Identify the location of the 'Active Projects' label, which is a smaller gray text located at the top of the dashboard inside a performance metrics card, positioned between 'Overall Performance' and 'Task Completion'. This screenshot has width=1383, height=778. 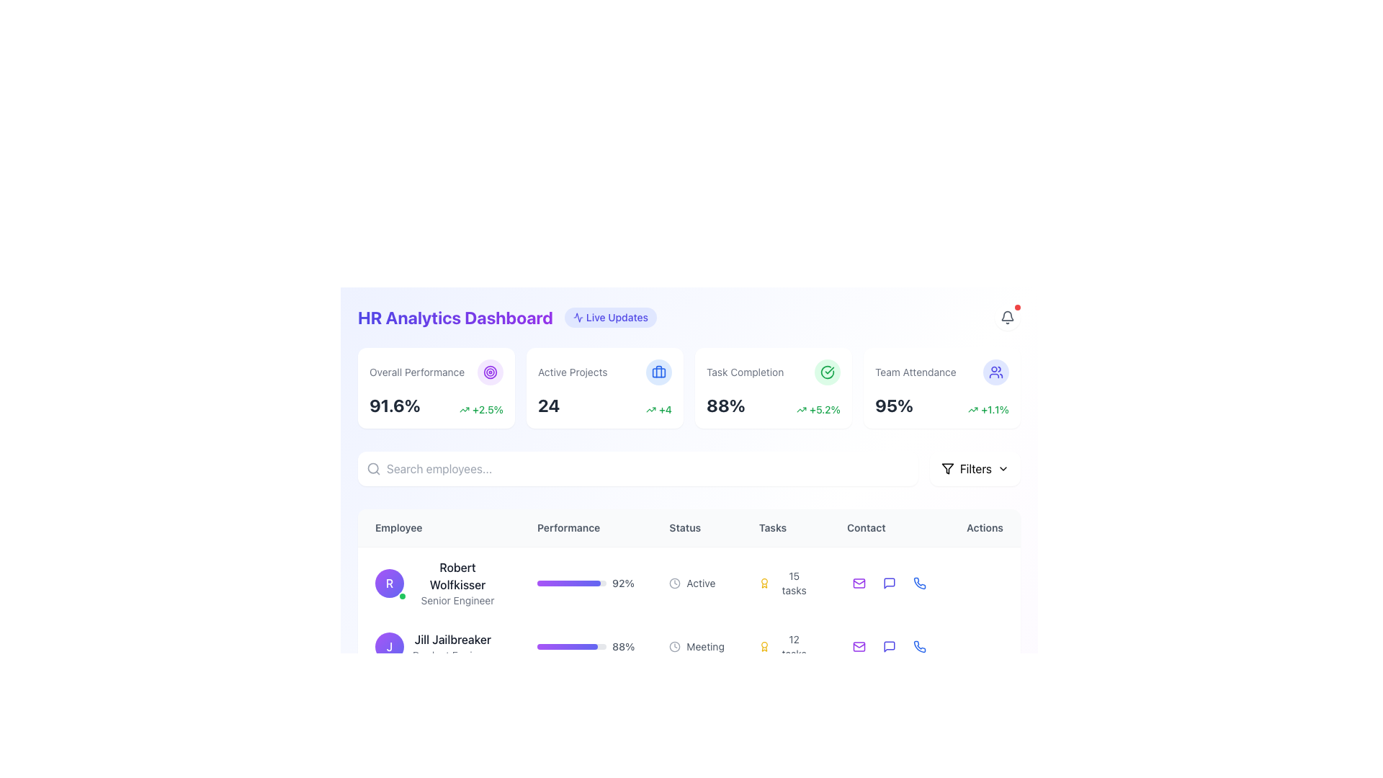
(572, 371).